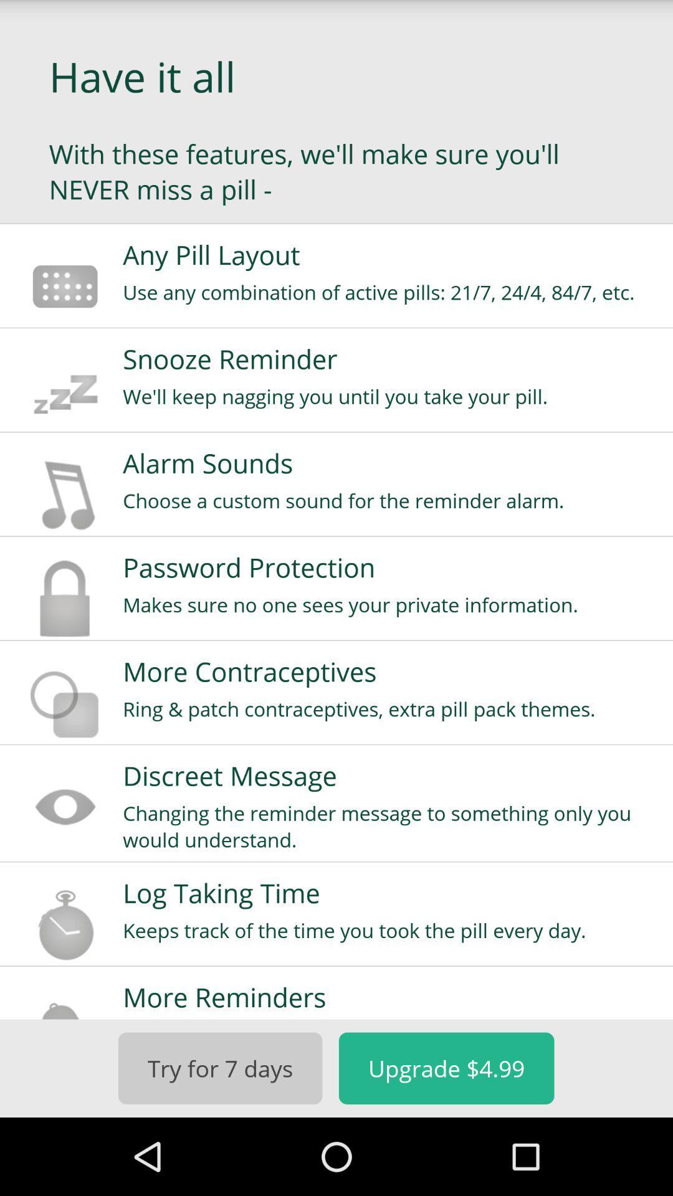 Image resolution: width=673 pixels, height=1196 pixels. What do you see at coordinates (389, 462) in the screenshot?
I see `the icon above the choose a custom item` at bounding box center [389, 462].